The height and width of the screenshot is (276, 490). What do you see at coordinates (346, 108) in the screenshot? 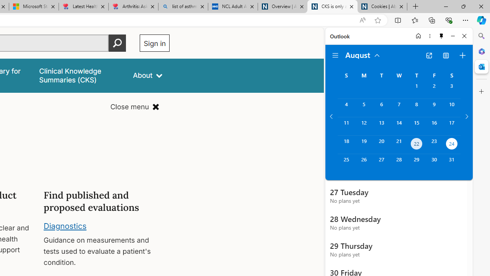
I see `'Sunday, August 4, 2024. '` at bounding box center [346, 108].